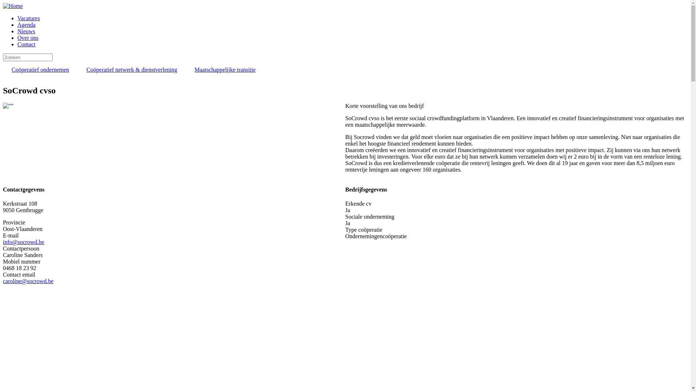 The width and height of the screenshot is (696, 391). Describe the element at coordinates (26, 31) in the screenshot. I see `'Nieuws'` at that location.